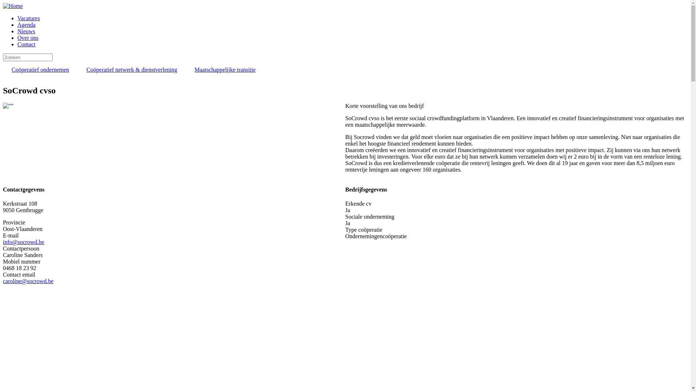 The width and height of the screenshot is (696, 391). Describe the element at coordinates (26, 31) in the screenshot. I see `'Nieuws'` at that location.